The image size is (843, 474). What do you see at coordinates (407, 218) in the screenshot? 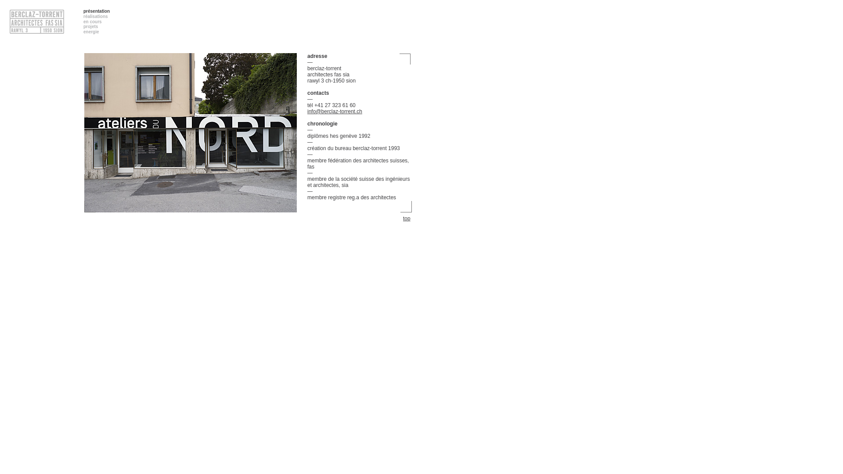
I see `'top'` at bounding box center [407, 218].